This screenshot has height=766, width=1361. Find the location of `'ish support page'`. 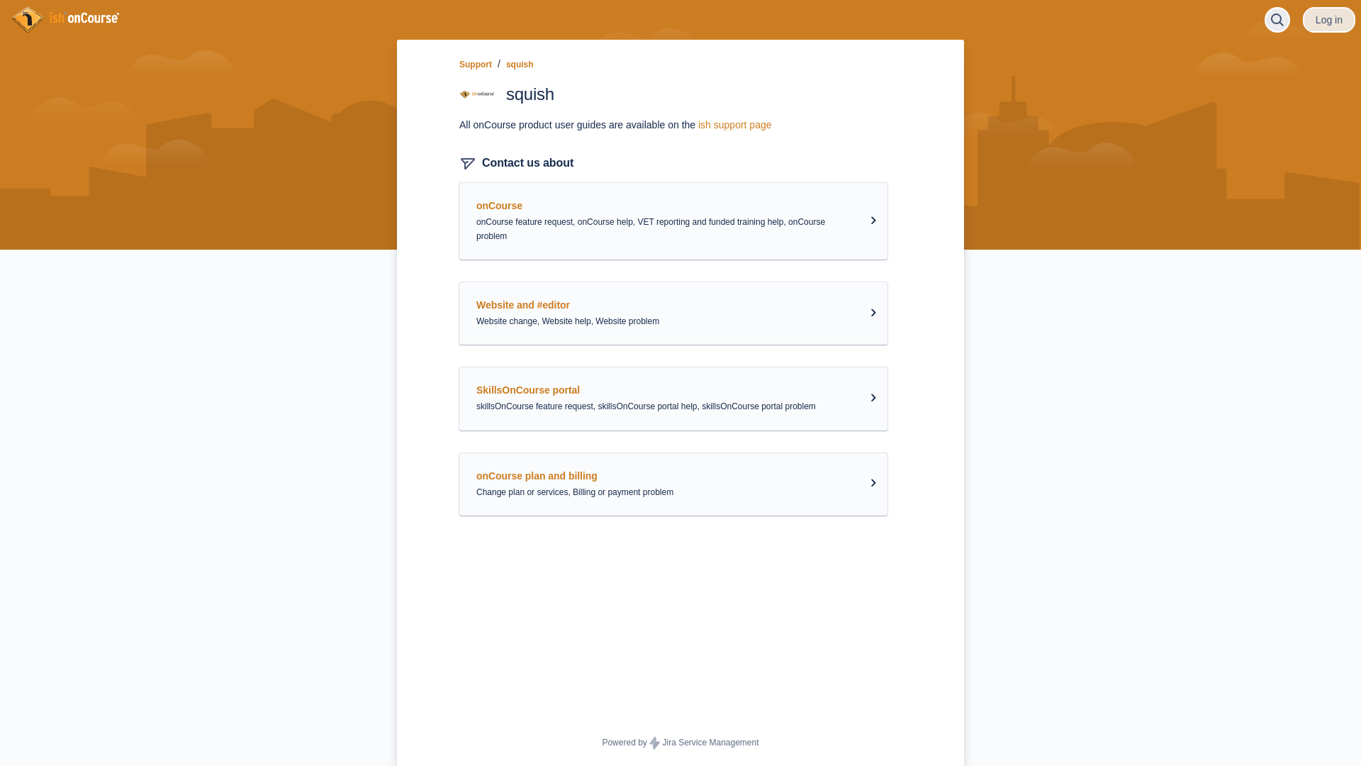

'ish support page' is located at coordinates (734, 124).